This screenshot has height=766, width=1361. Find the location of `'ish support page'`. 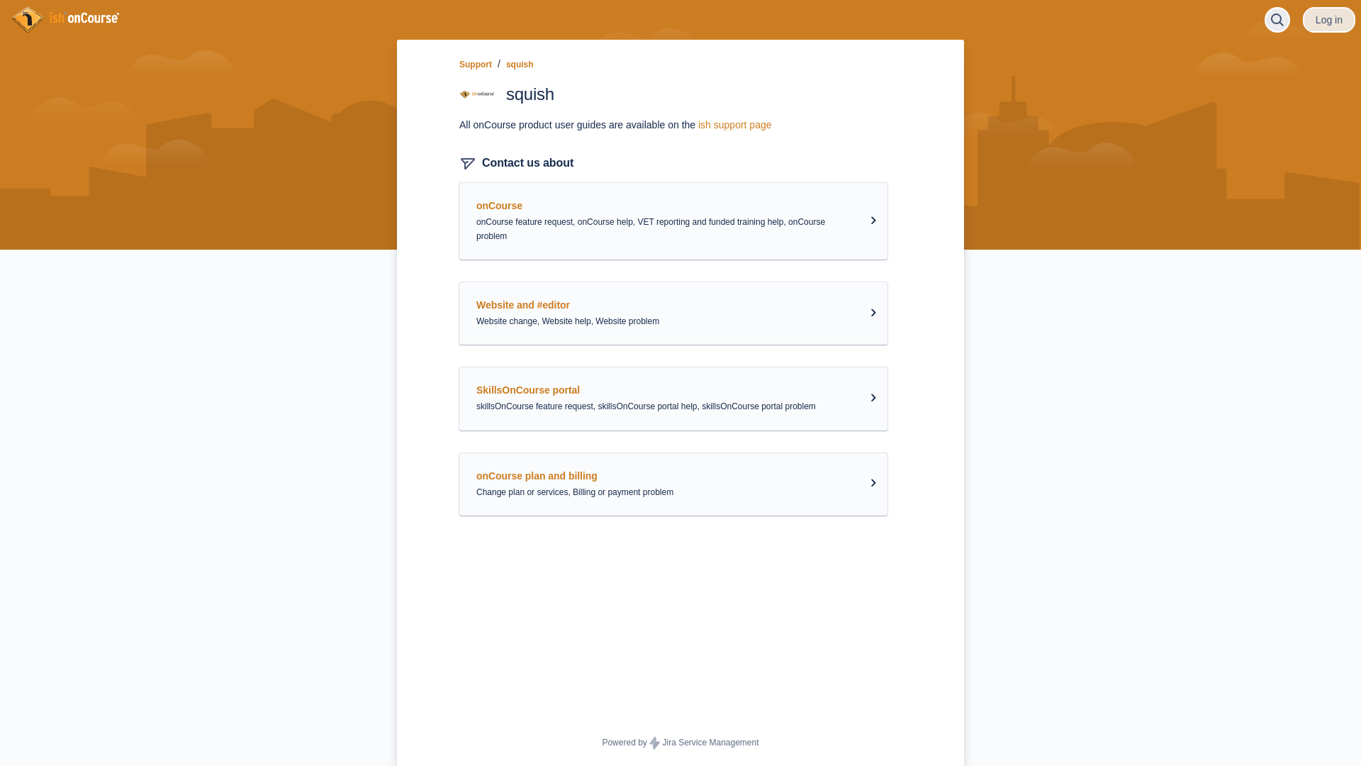

'ish support page' is located at coordinates (734, 124).